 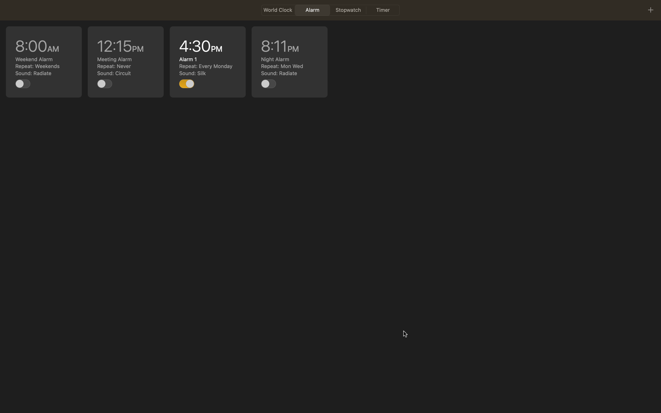 What do you see at coordinates (650, 10) in the screenshot?
I see `the plus sign` at bounding box center [650, 10].